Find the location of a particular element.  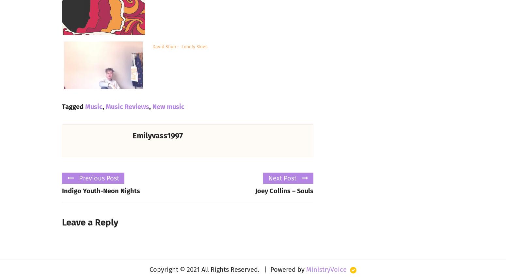

'Music' is located at coordinates (94, 106).